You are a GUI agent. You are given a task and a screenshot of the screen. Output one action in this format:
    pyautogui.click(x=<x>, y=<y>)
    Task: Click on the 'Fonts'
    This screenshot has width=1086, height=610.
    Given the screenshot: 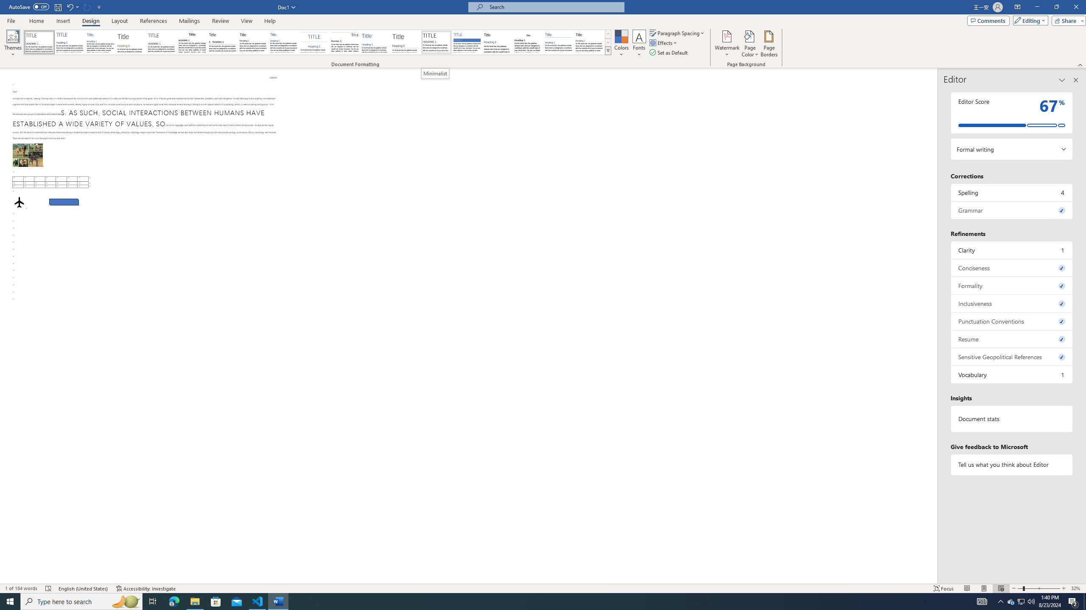 What is the action you would take?
    pyautogui.click(x=638, y=44)
    